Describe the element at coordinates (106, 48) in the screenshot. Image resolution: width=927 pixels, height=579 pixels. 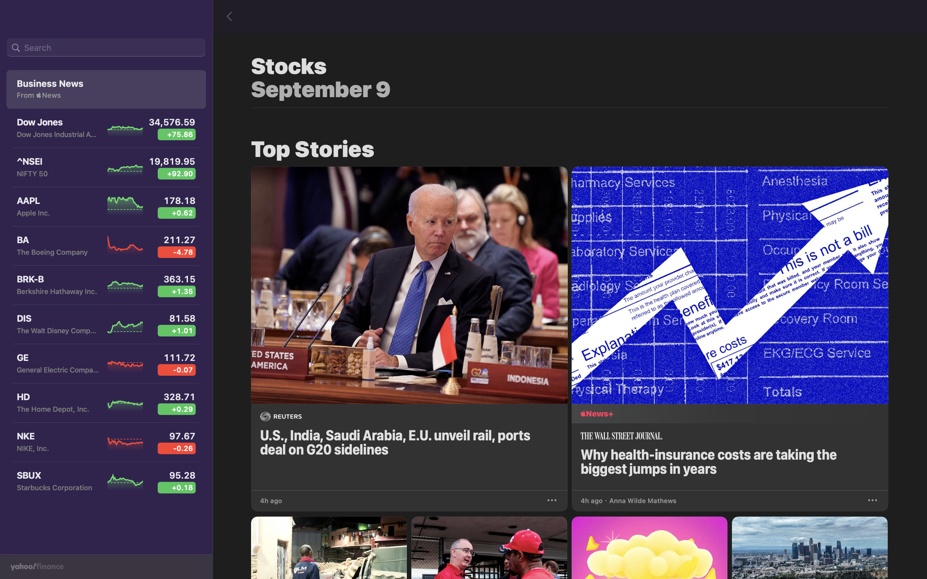
I see `Type and enter "Boeing Company" in the top left search bar` at that location.